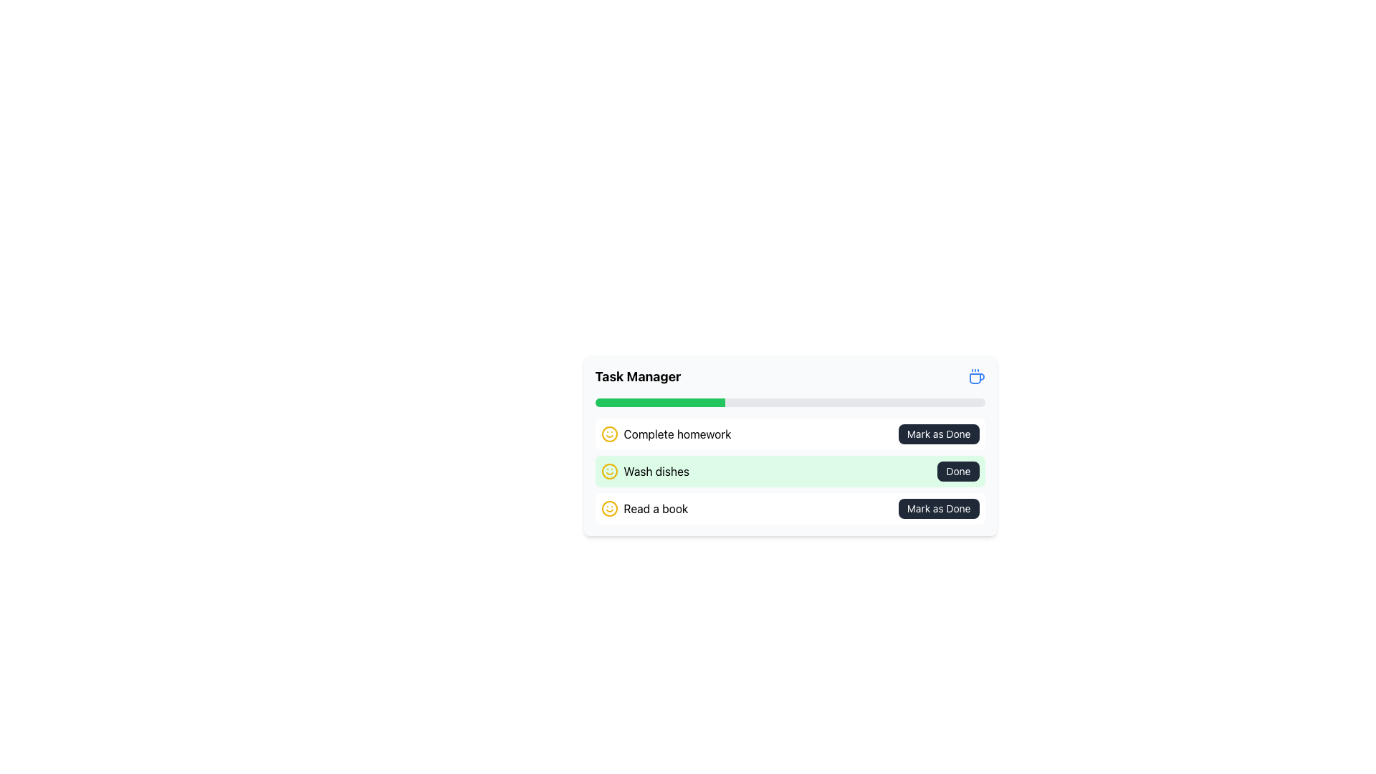  What do you see at coordinates (637, 376) in the screenshot?
I see `the bold and large 'Task Manager' static text label located in the header section of the task management interface` at bounding box center [637, 376].